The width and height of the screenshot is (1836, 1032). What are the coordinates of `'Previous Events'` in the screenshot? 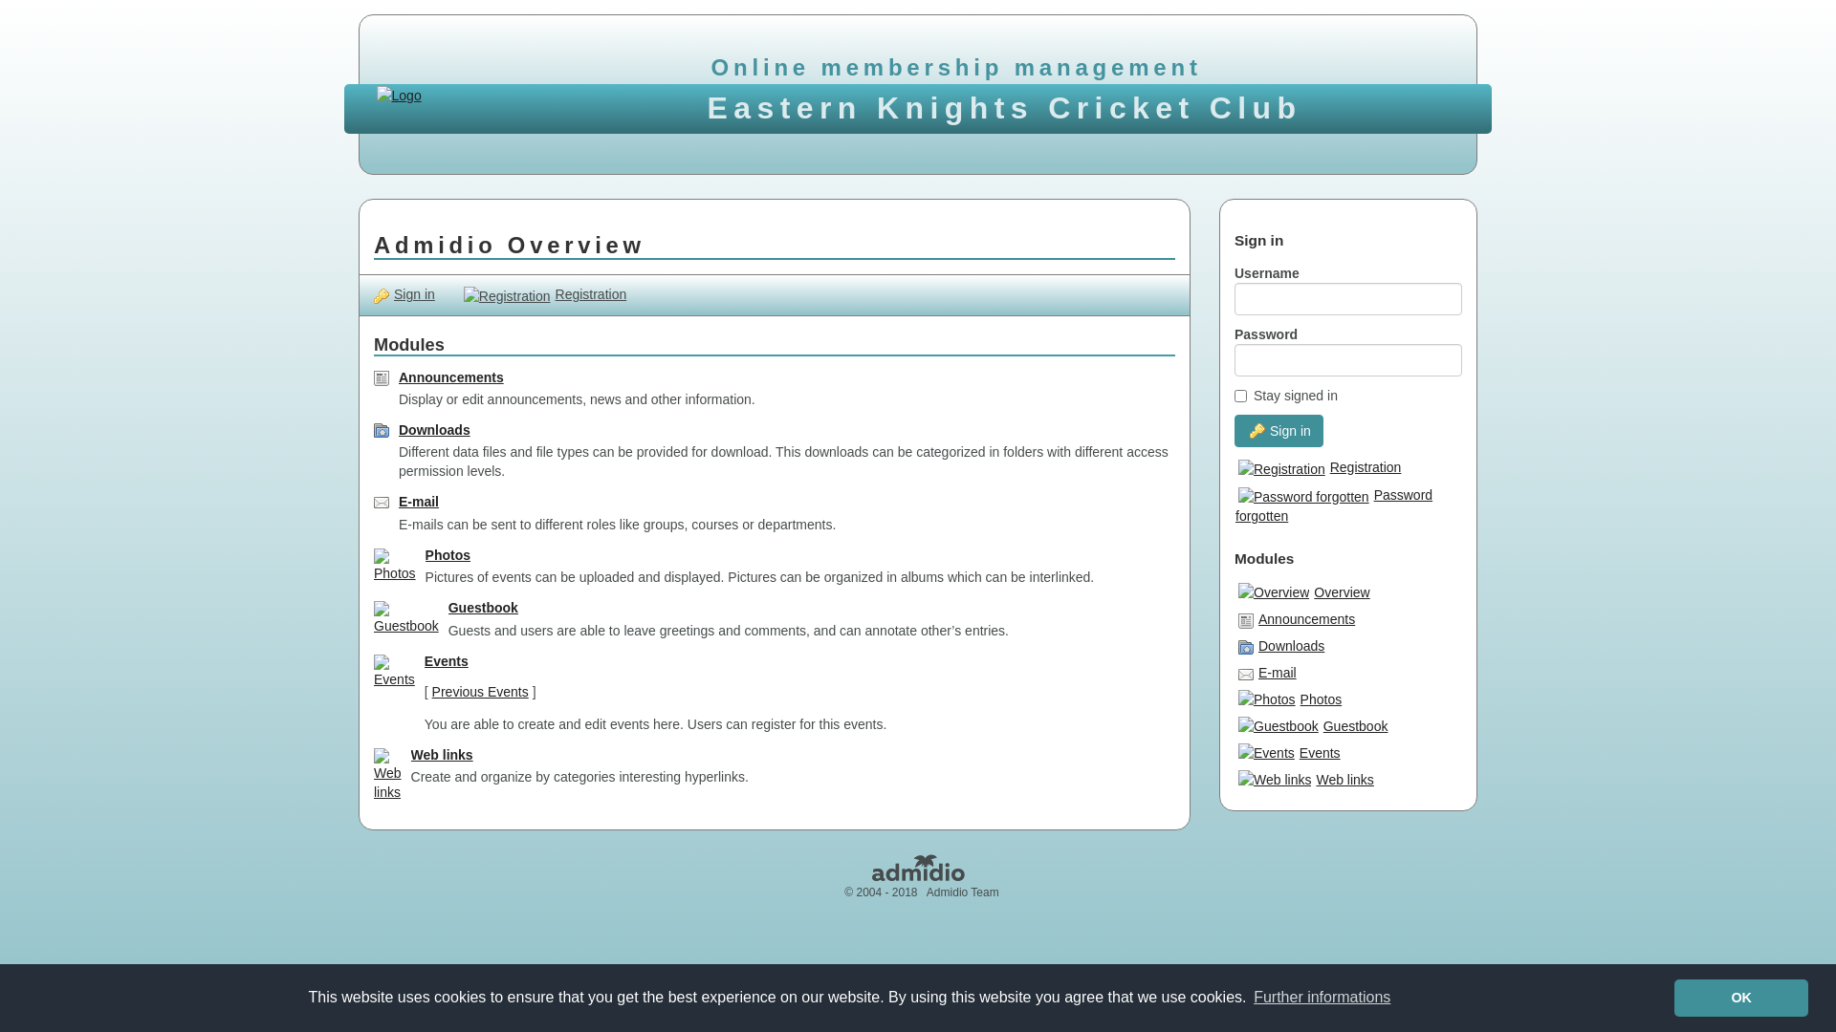 It's located at (480, 692).